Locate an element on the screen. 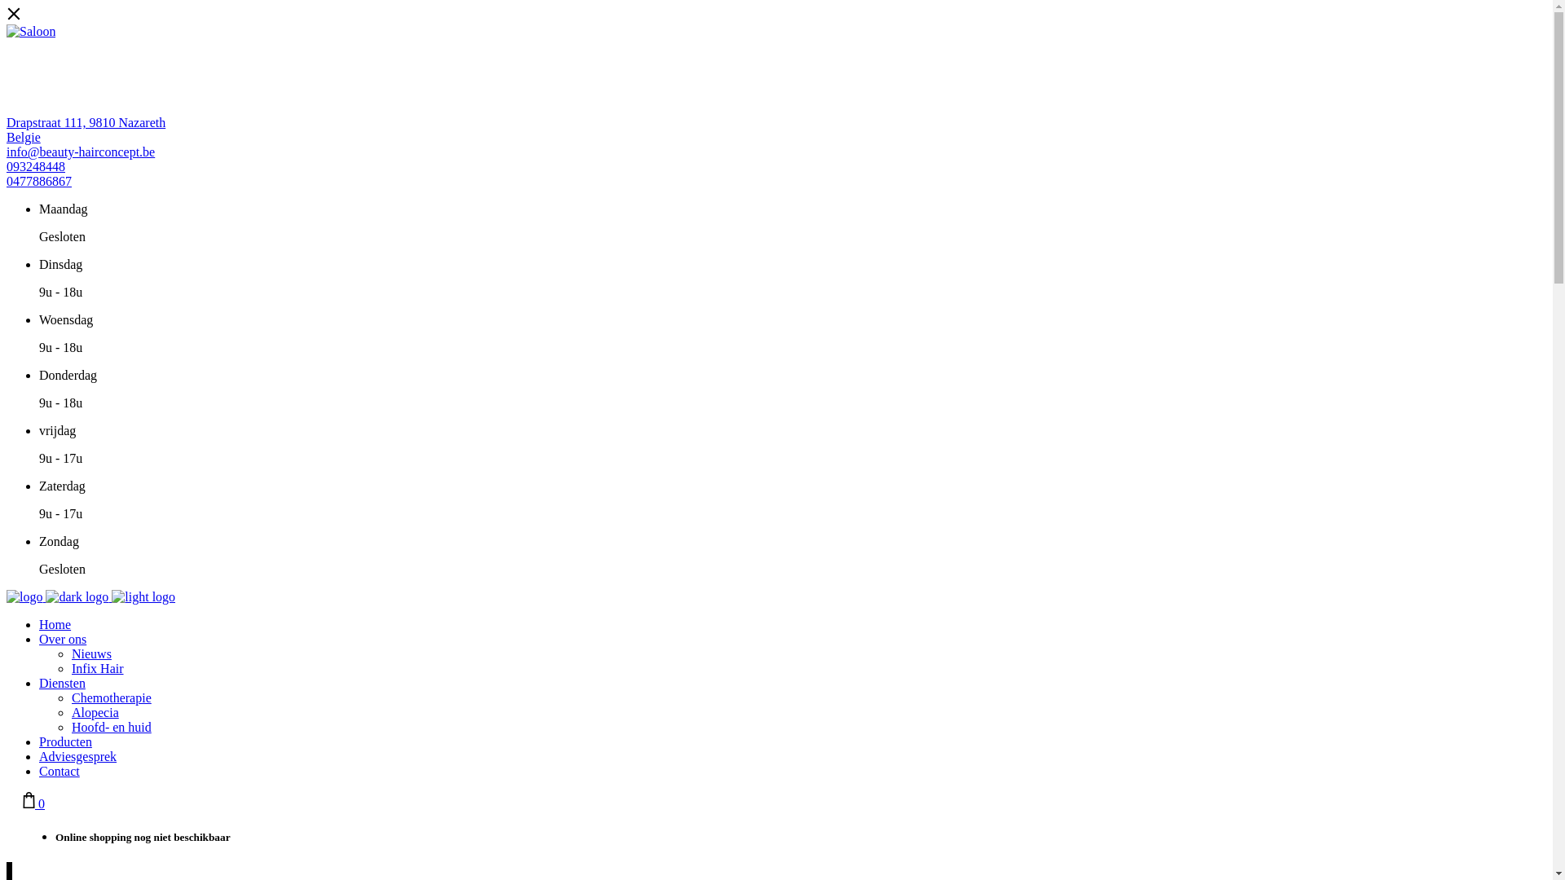 Image resolution: width=1565 pixels, height=880 pixels. '0' is located at coordinates (23, 803).